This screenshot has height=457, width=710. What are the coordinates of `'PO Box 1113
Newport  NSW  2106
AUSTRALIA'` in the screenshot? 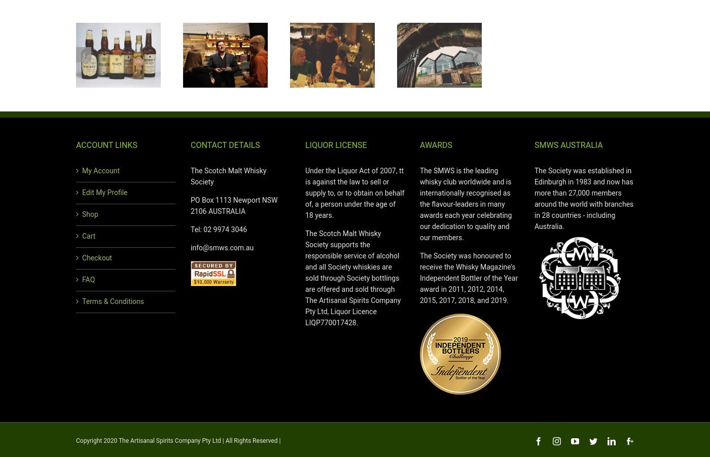 It's located at (191, 205).